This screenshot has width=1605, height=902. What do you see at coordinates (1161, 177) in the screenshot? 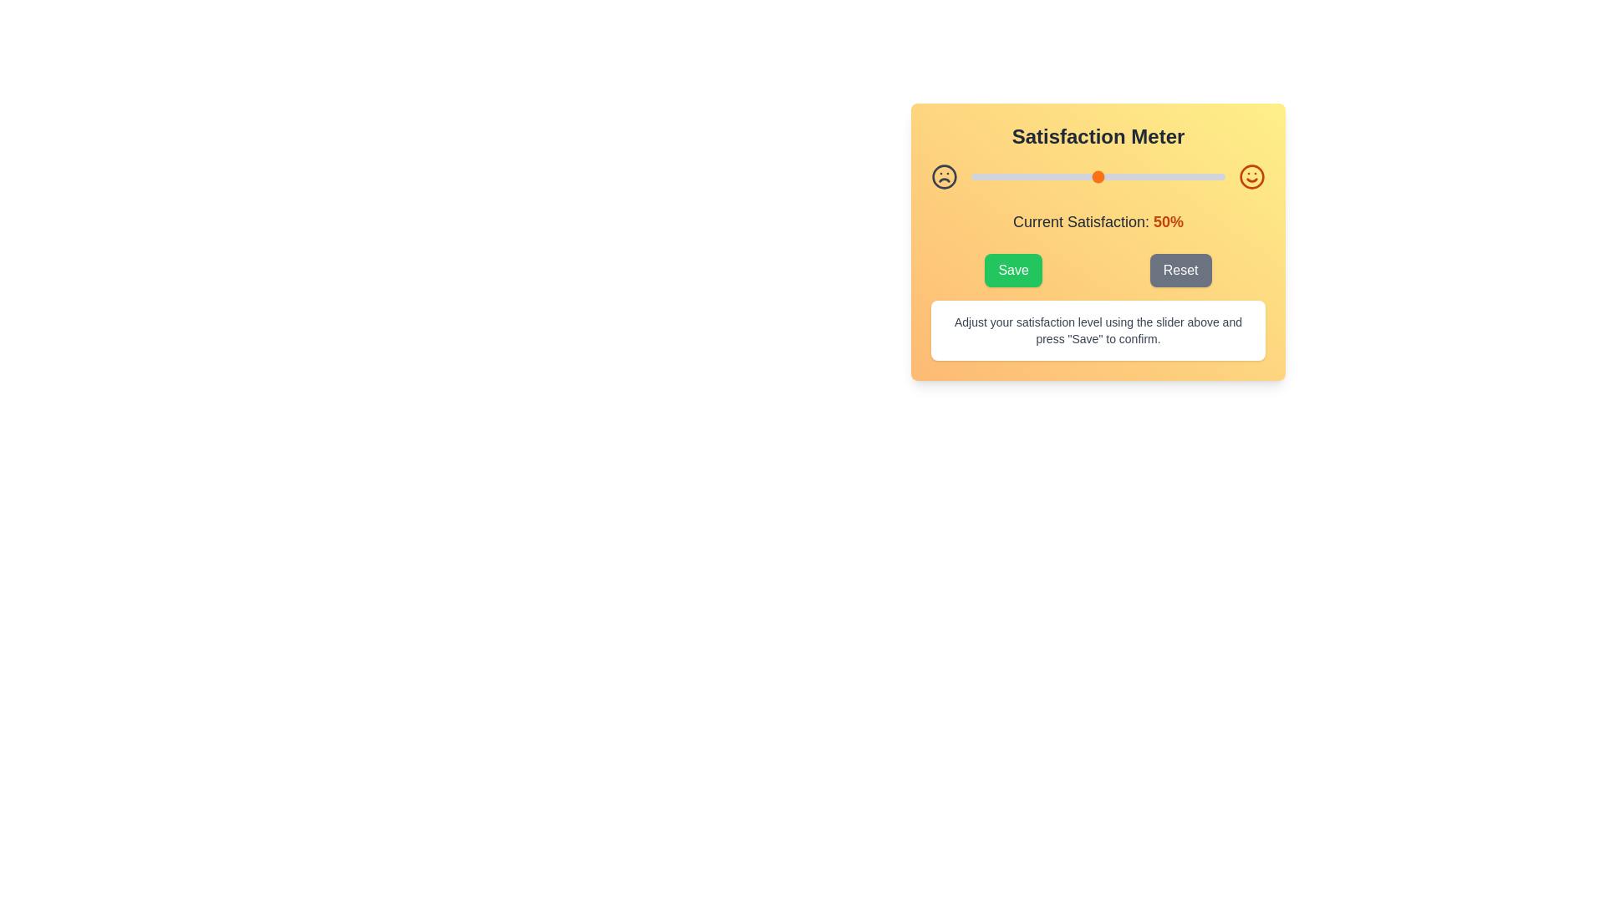
I see `the slider to 75% satisfaction` at bounding box center [1161, 177].